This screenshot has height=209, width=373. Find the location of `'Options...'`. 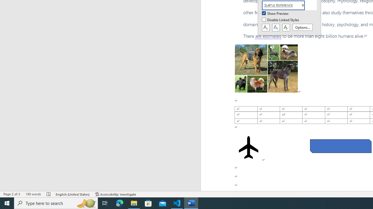

'Options...' is located at coordinates (302, 27).